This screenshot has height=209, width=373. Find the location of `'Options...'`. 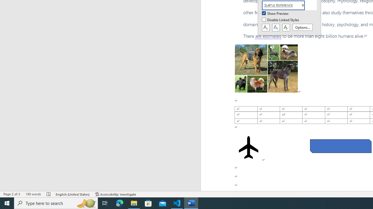

'Options...' is located at coordinates (302, 27).